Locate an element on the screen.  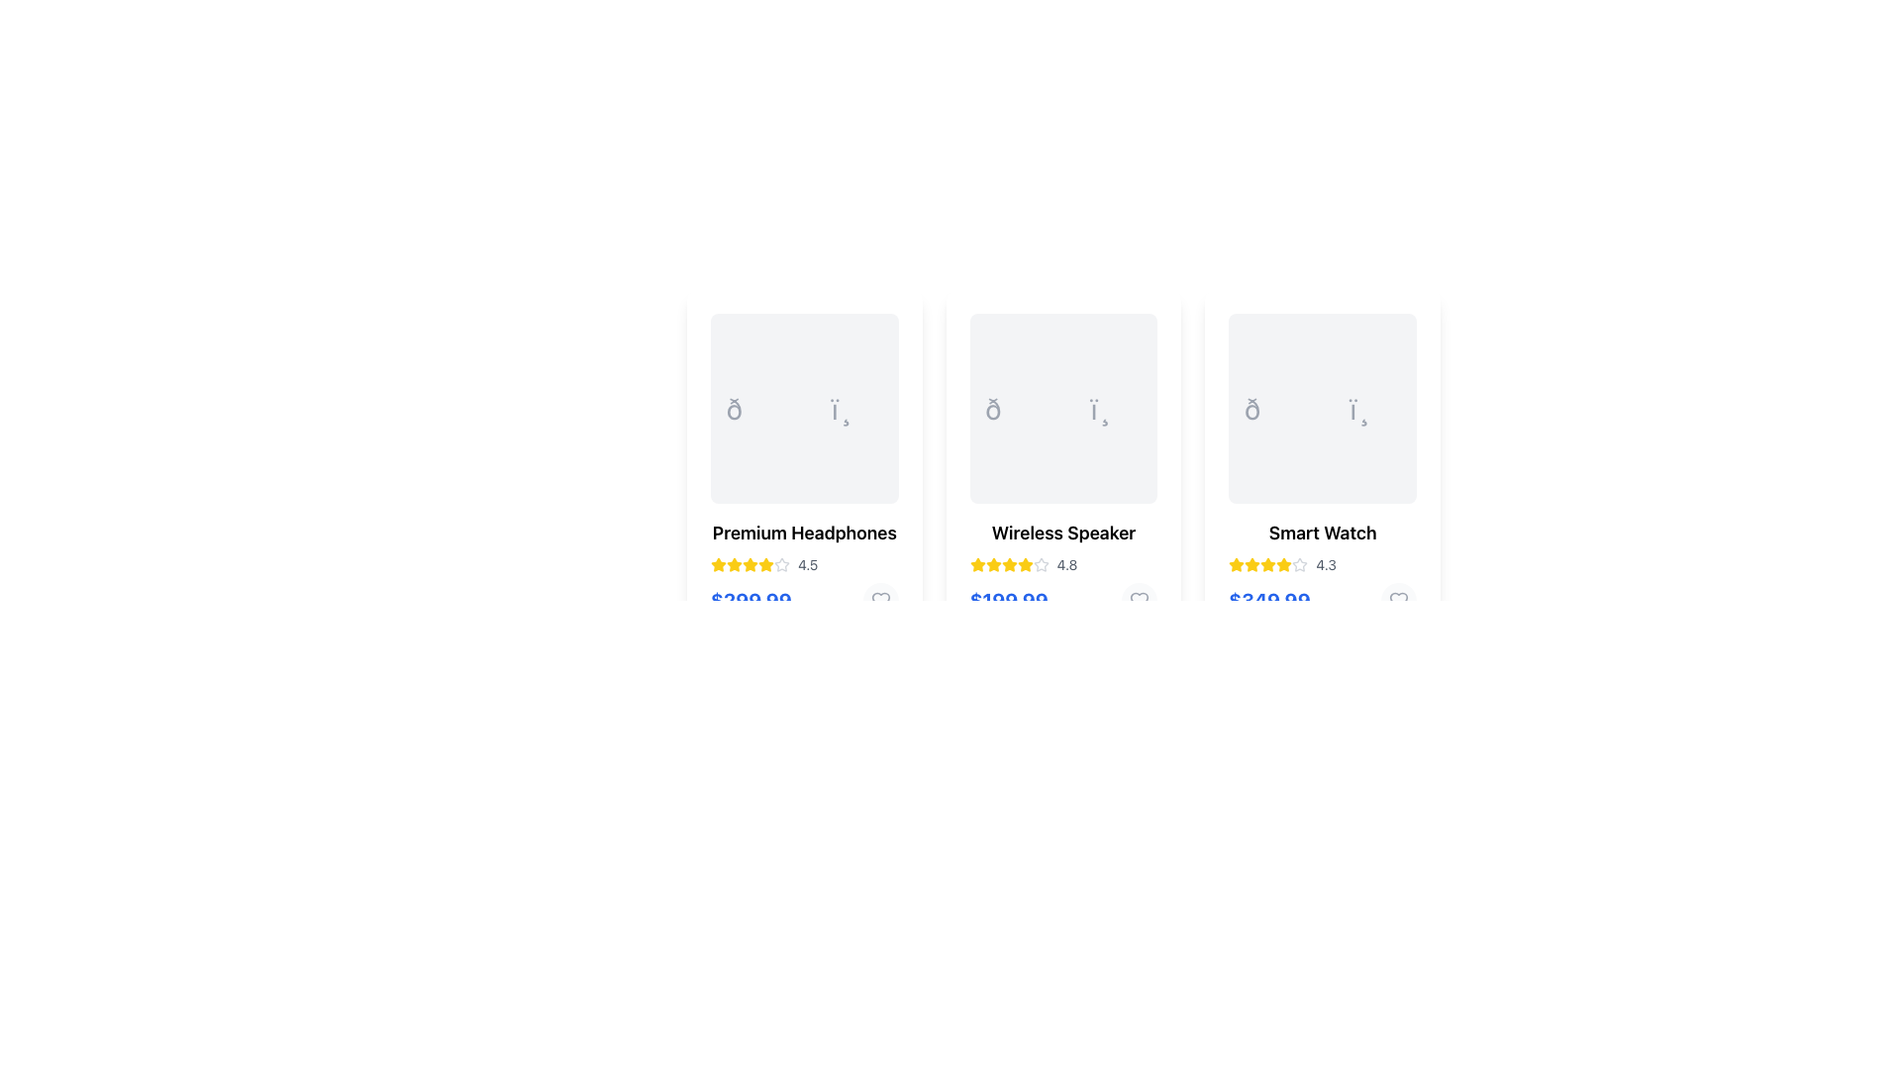
the Product Card for 'Wireless Speaker' located in the middle column of the grid layout, positioned between 'Premium Headphones' and 'Smart Watch' is located at coordinates (1062, 465).